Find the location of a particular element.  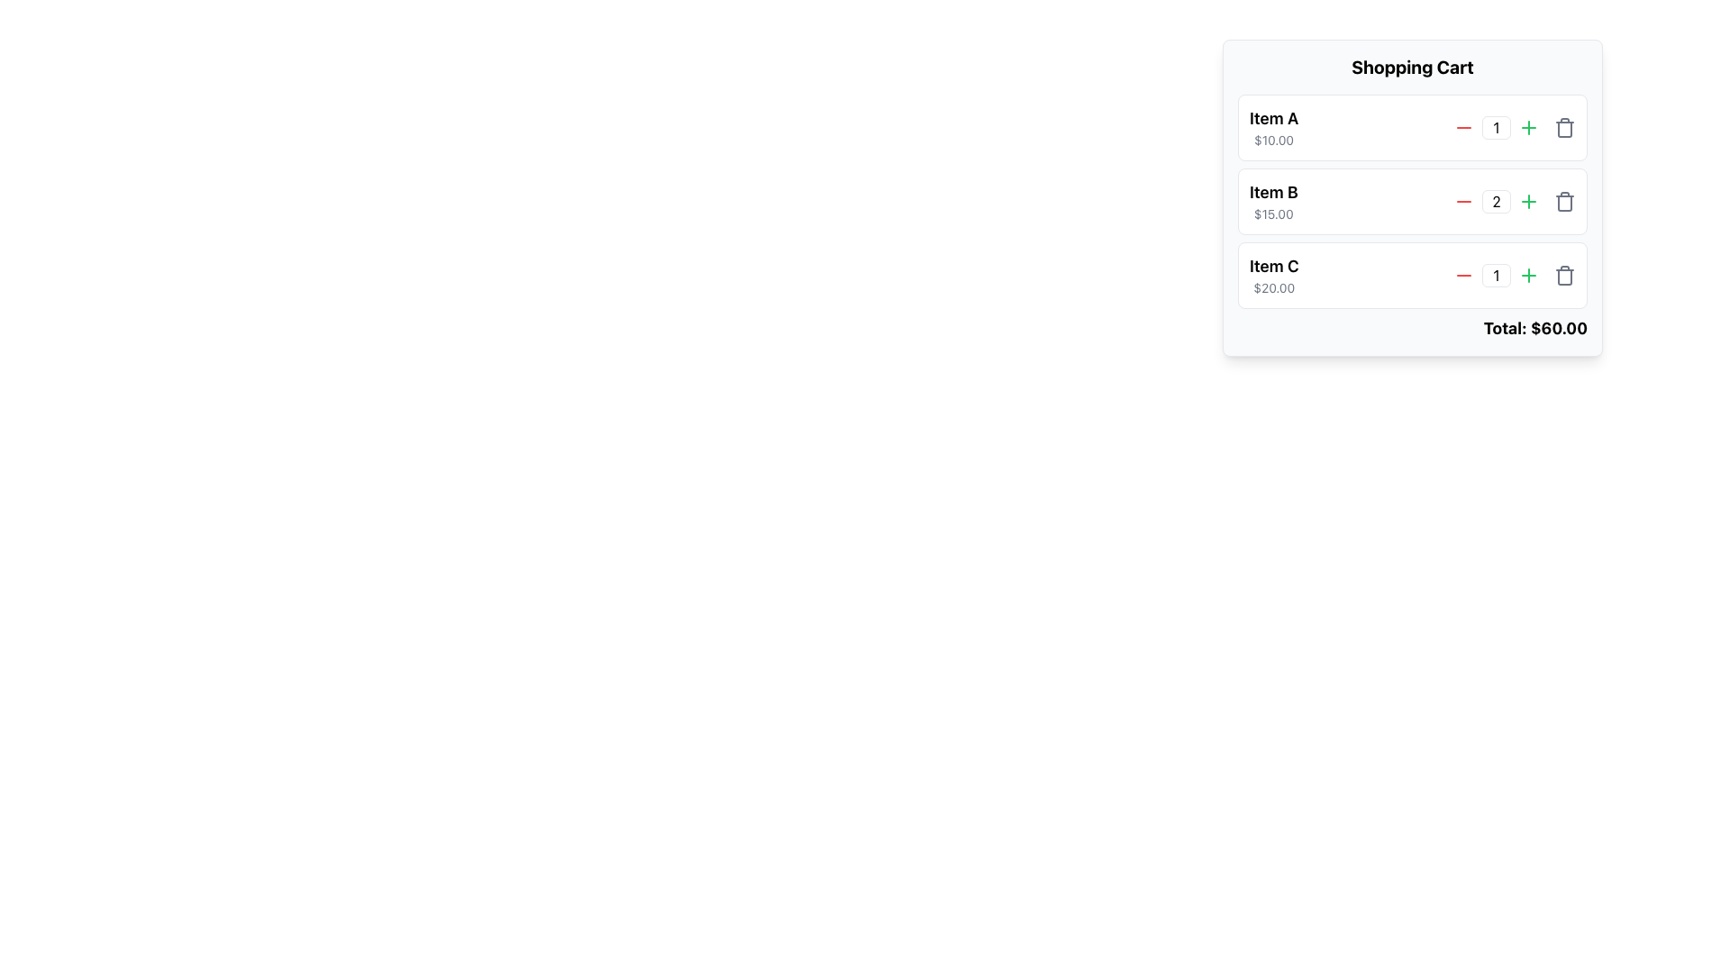

the static text label displaying the price '$10.00' located directly under the label 'Item A' in the shopping cart interface is located at coordinates (1273, 139).